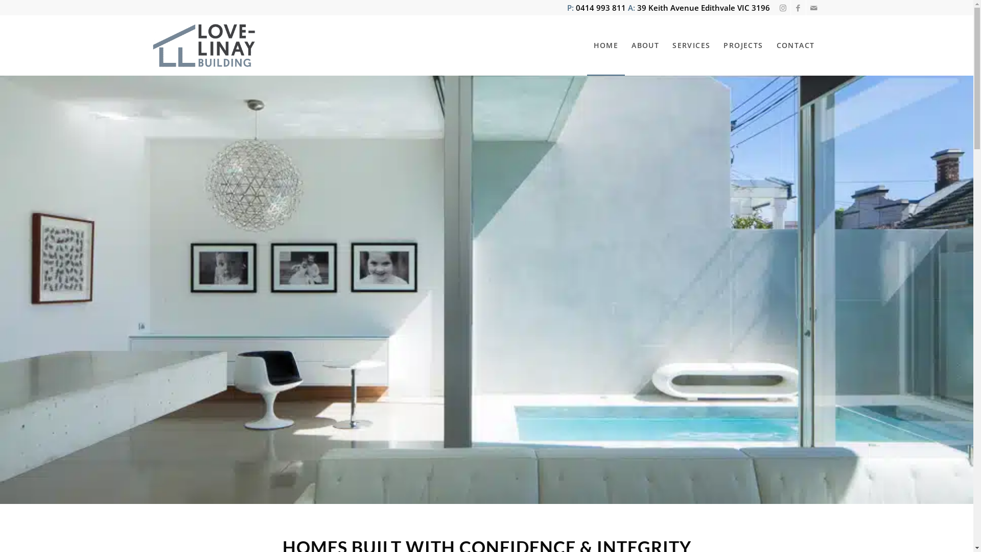 The width and height of the screenshot is (981, 552). Describe the element at coordinates (775, 8) in the screenshot. I see `'Instagram'` at that location.